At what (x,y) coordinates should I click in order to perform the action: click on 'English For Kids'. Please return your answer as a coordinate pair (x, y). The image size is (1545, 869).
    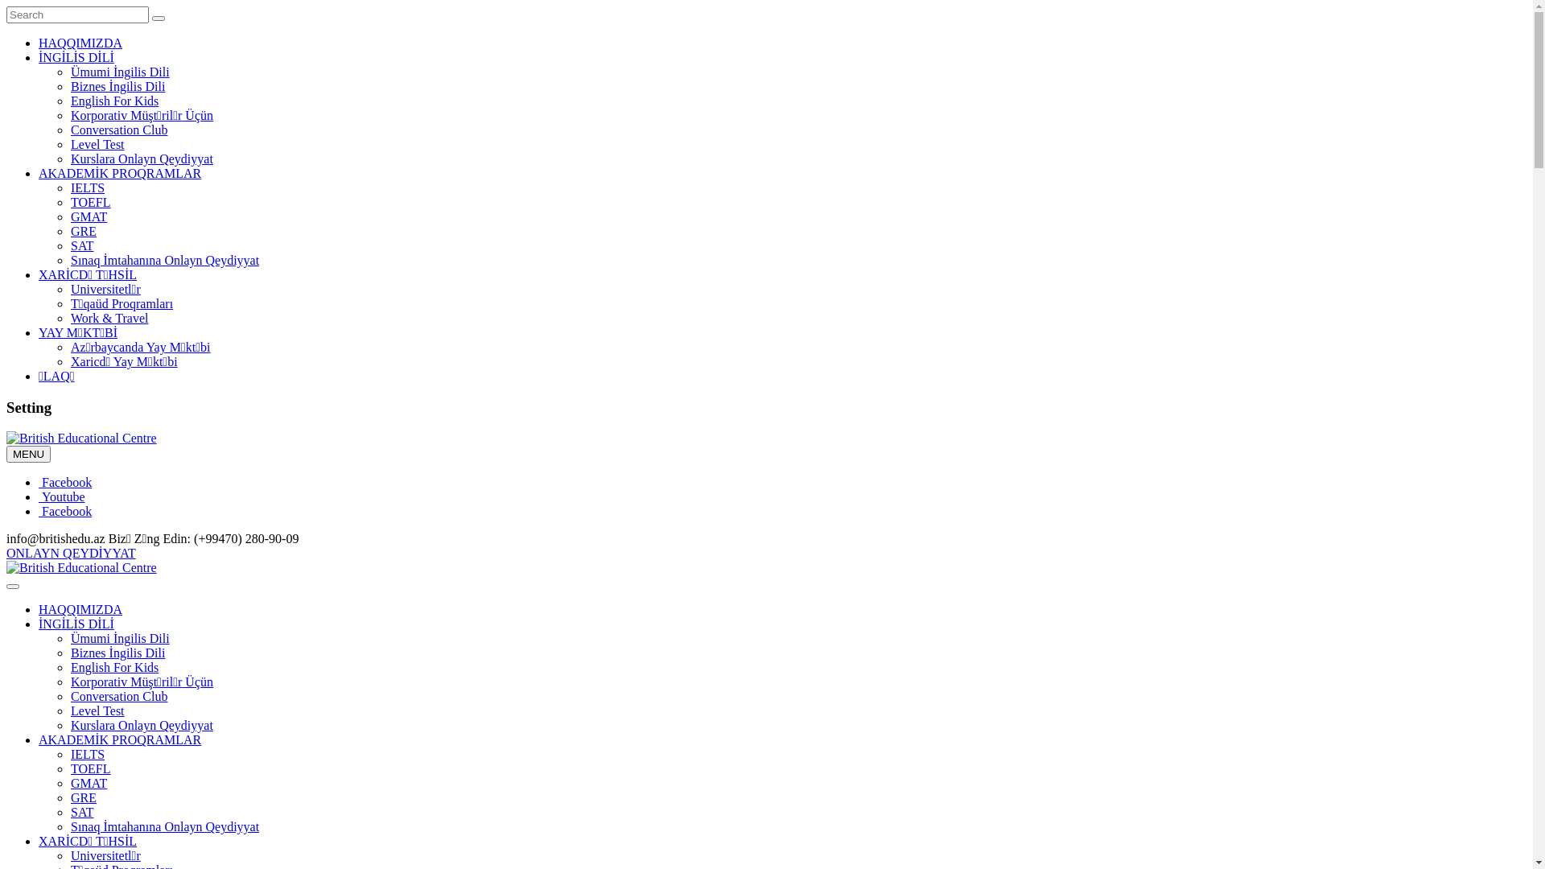
    Looking at the image, I should click on (69, 101).